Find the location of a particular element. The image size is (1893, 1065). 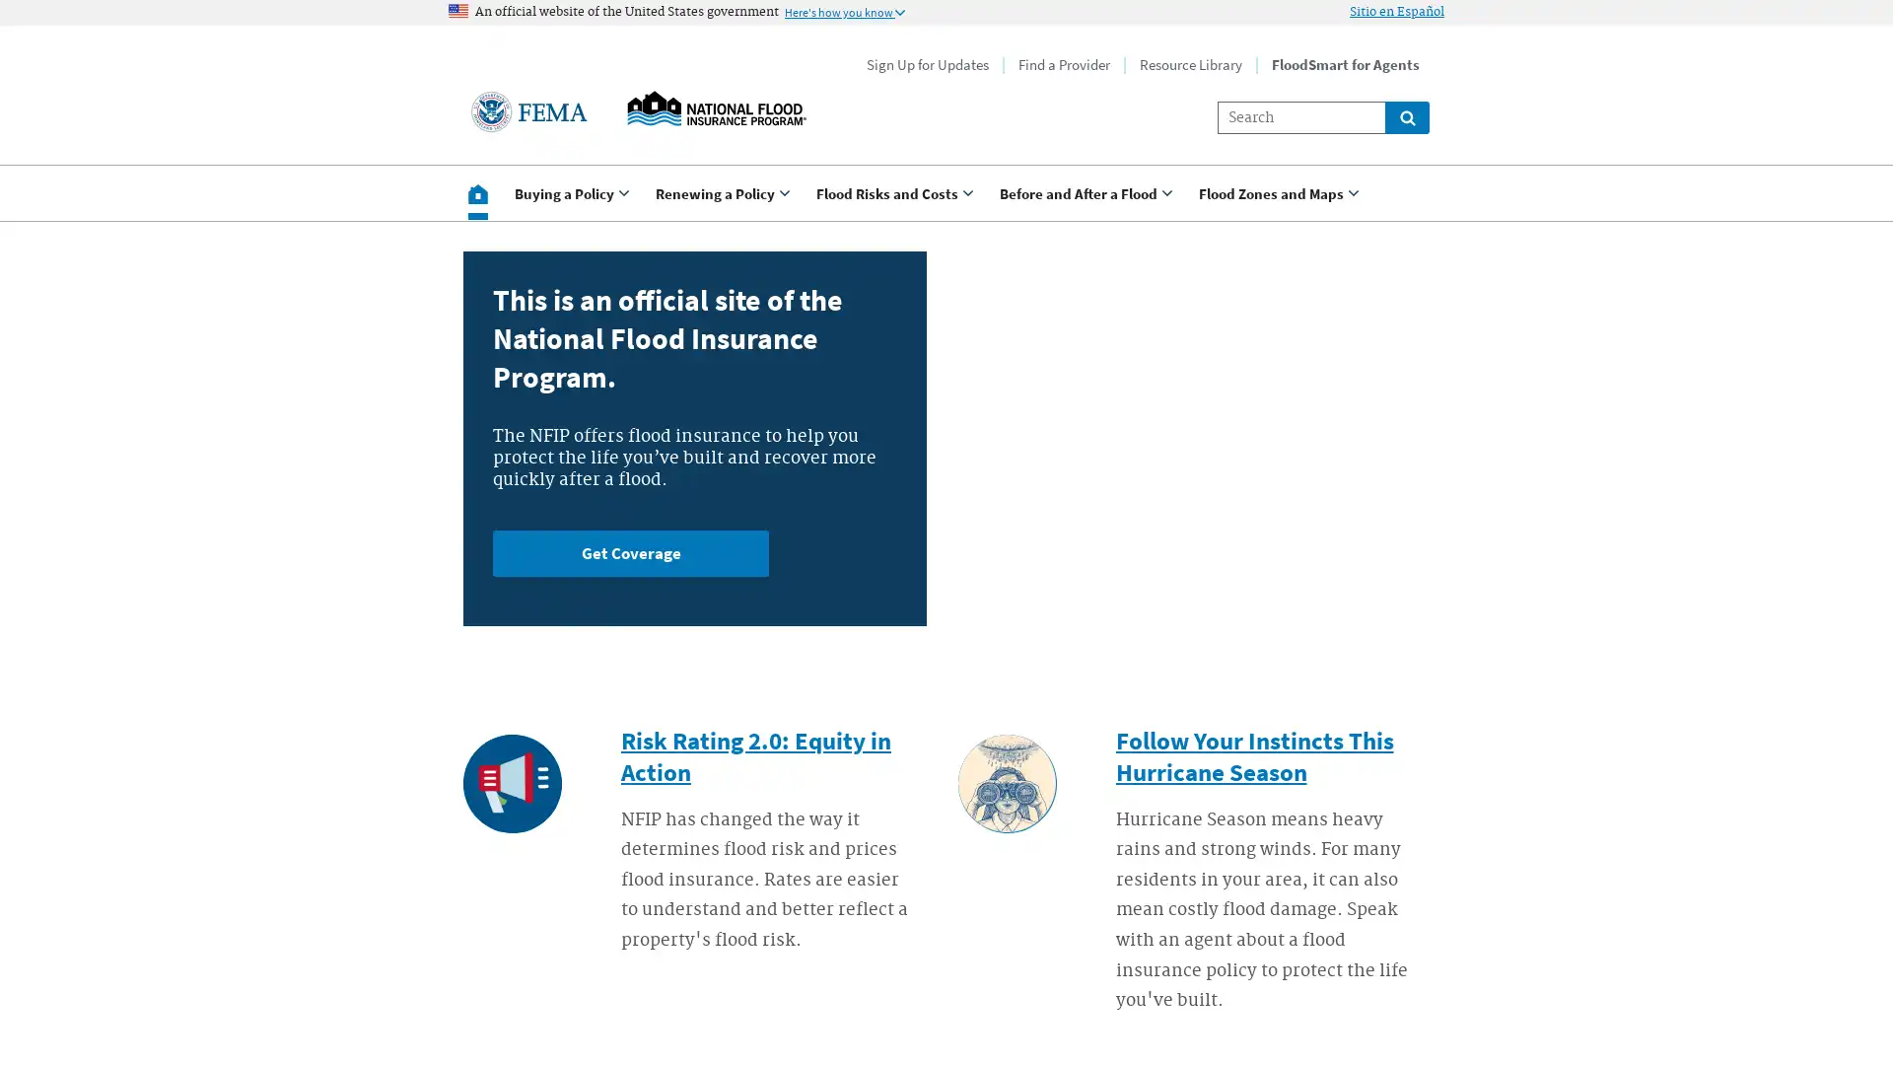

Use <enter> and shift + <enter> to open and close the drop down to sub-menus is located at coordinates (725, 192).